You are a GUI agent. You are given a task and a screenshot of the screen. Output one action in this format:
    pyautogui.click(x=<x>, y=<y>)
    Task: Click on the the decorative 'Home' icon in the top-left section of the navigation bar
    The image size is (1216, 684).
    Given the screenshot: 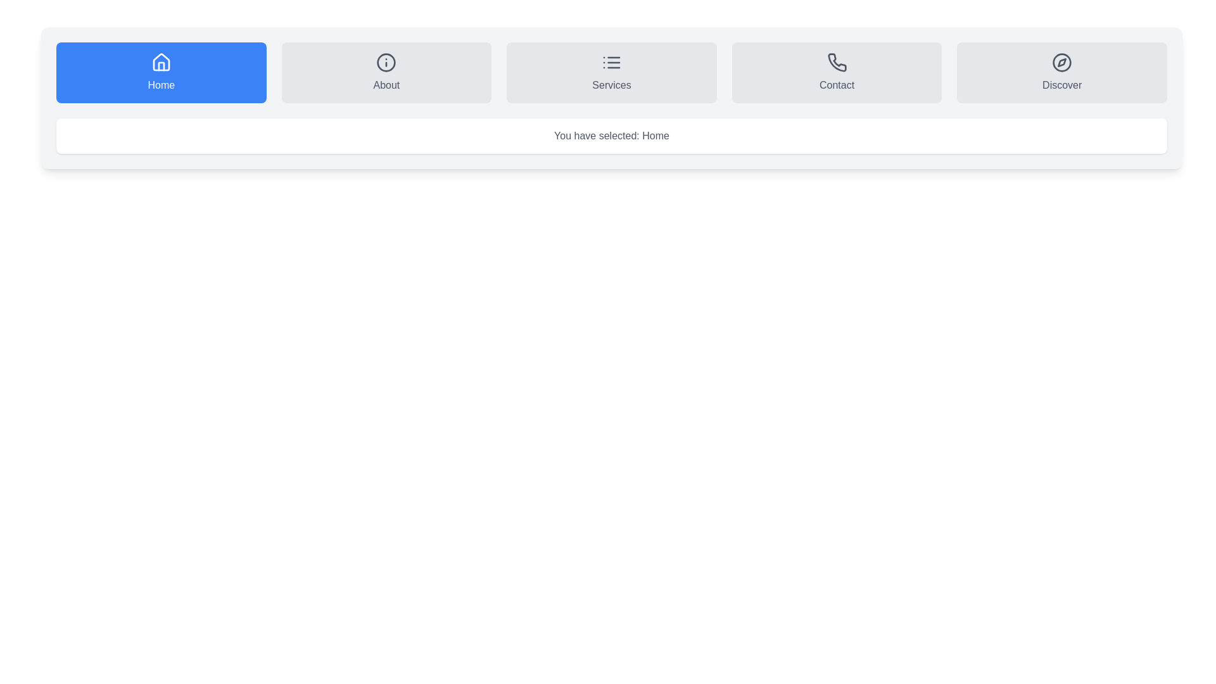 What is the action you would take?
    pyautogui.click(x=160, y=62)
    